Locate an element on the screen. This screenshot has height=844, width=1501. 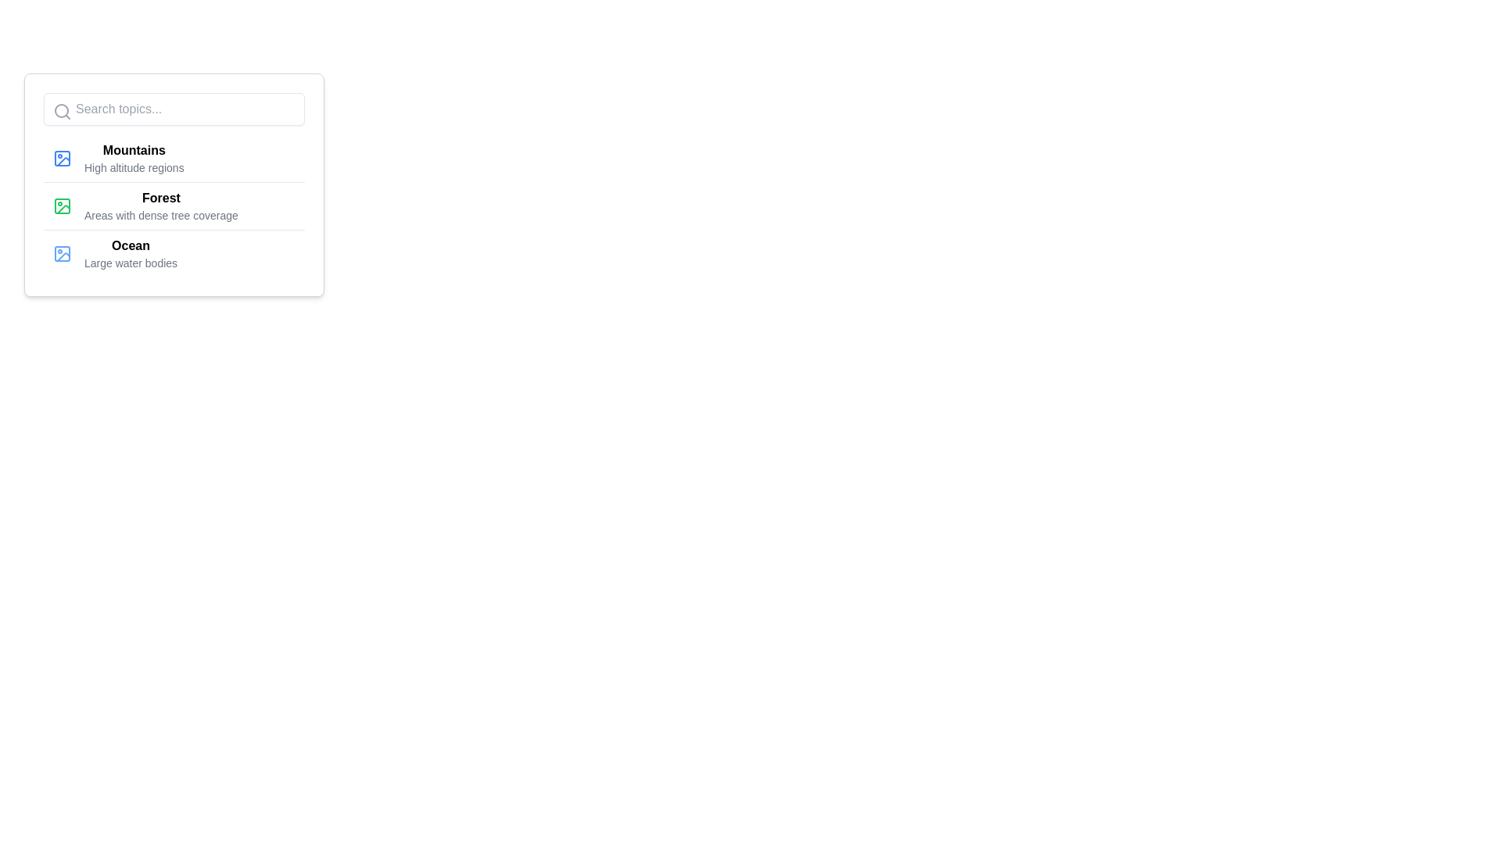
the text block labeled 'Forest', which is the second row in a list of geographic topics is located at coordinates (161, 205).